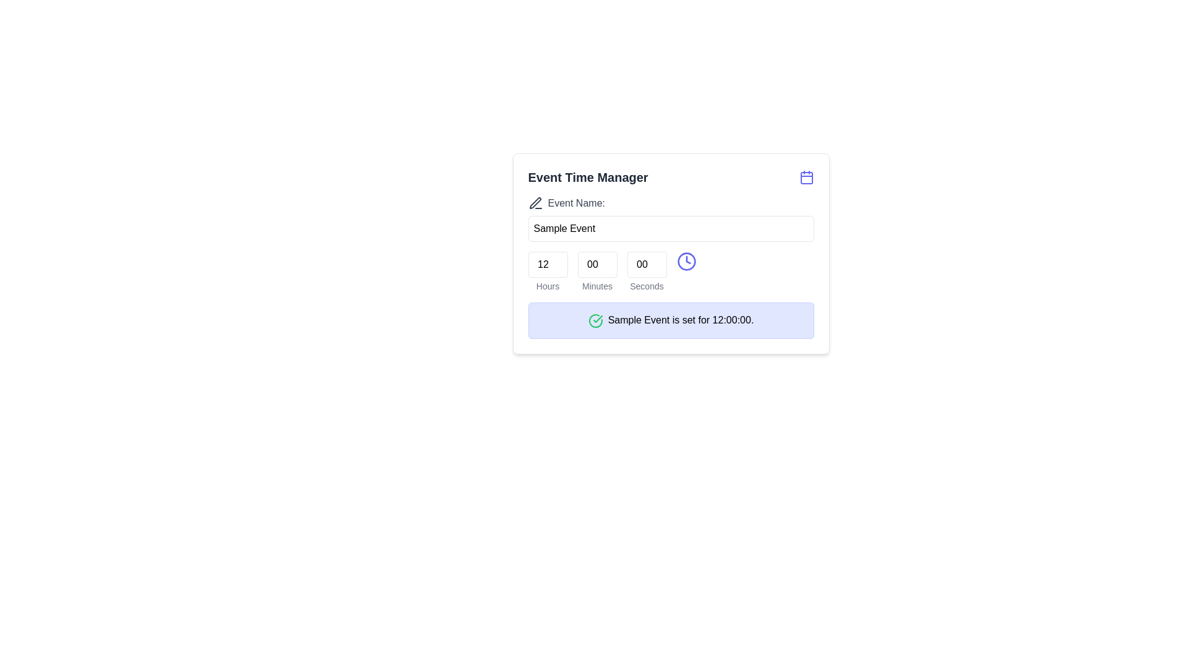 The width and height of the screenshot is (1188, 668). I want to click on the Text label indicating the purpose of the related numeric input field for seconds in a time selection section, positioned directly under the numeric input field and aligned with labels 'Hours' and 'Minutes', so click(646, 286).